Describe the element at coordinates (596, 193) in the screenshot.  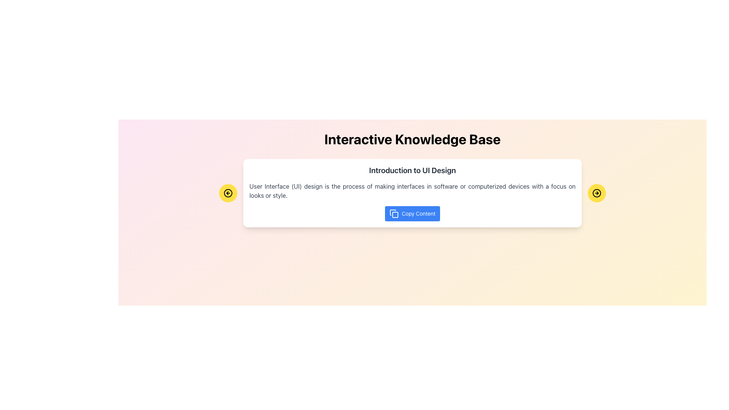
I see `the SVG Circle element that visually indicates an interactive functionality, positioned centrally within an icon to the right of the main content card` at that location.